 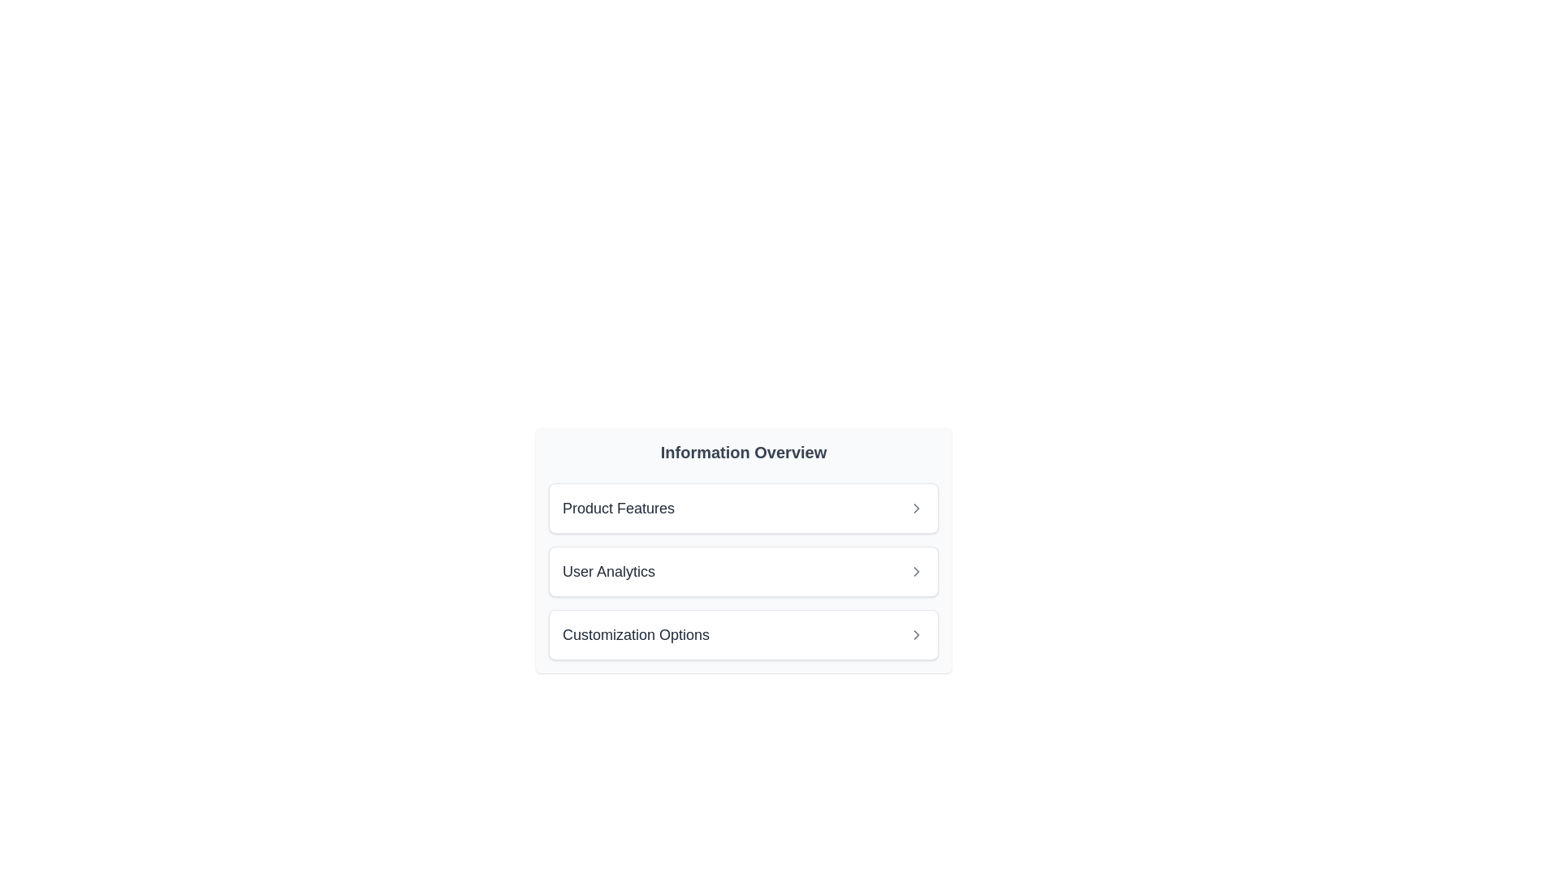 I want to click on the chevron icon located in the 'Customization Options' row, which is positioned at the far right and indicates expandable options, so click(x=916, y=634).